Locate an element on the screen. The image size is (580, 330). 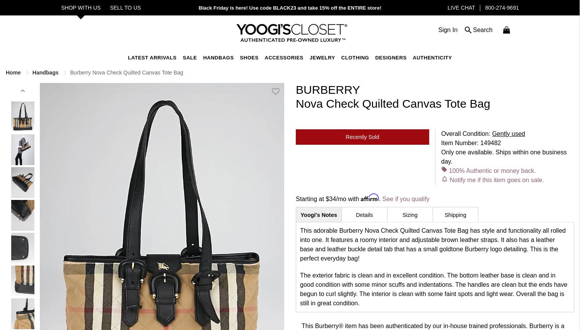
'/mo with' is located at coordinates (335, 198).